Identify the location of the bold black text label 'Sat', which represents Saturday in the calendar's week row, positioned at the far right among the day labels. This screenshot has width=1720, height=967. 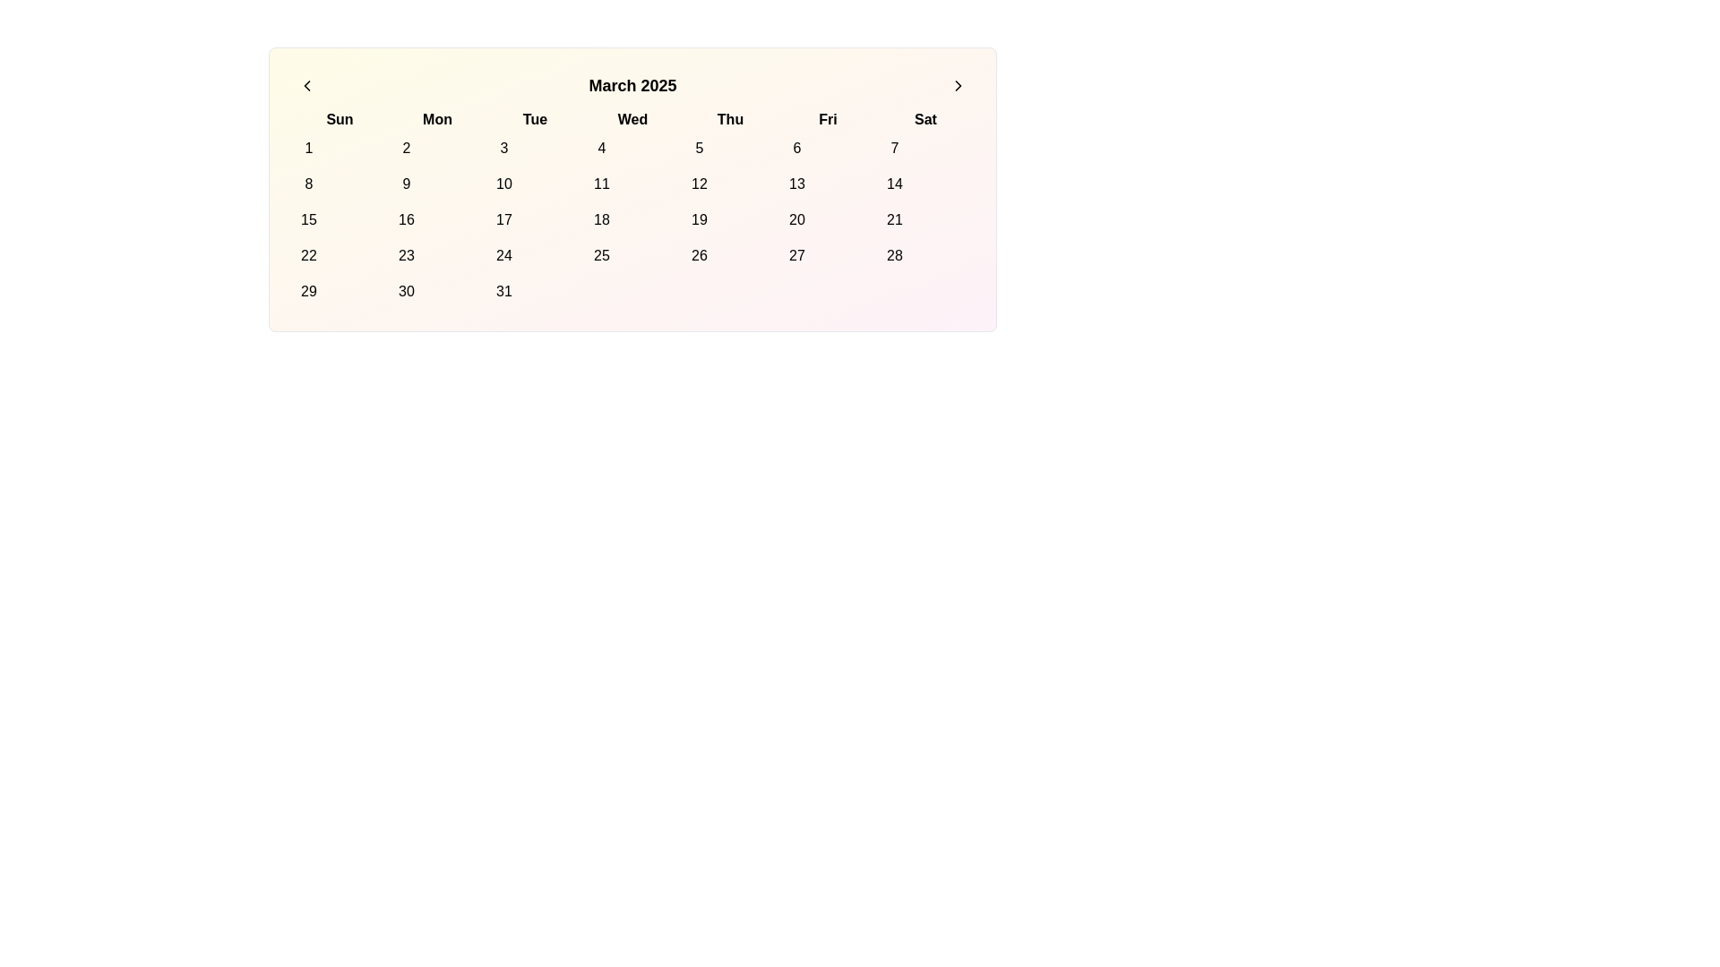
(925, 120).